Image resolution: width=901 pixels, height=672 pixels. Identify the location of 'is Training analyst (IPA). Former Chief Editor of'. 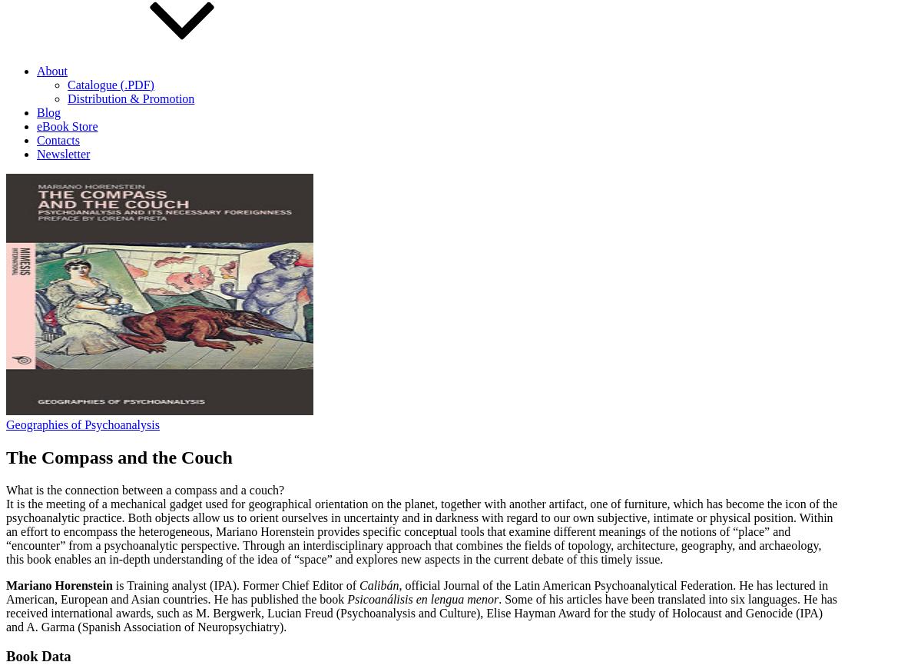
(234, 584).